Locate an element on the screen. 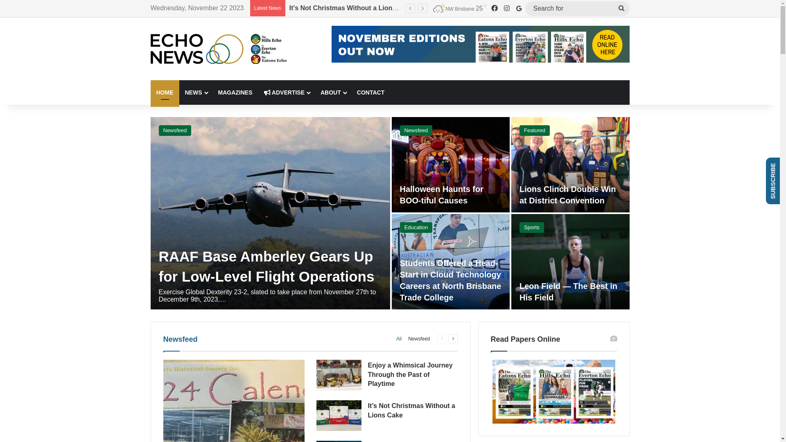 The width and height of the screenshot is (786, 442). 'MAGAZINES' is located at coordinates (212, 92).